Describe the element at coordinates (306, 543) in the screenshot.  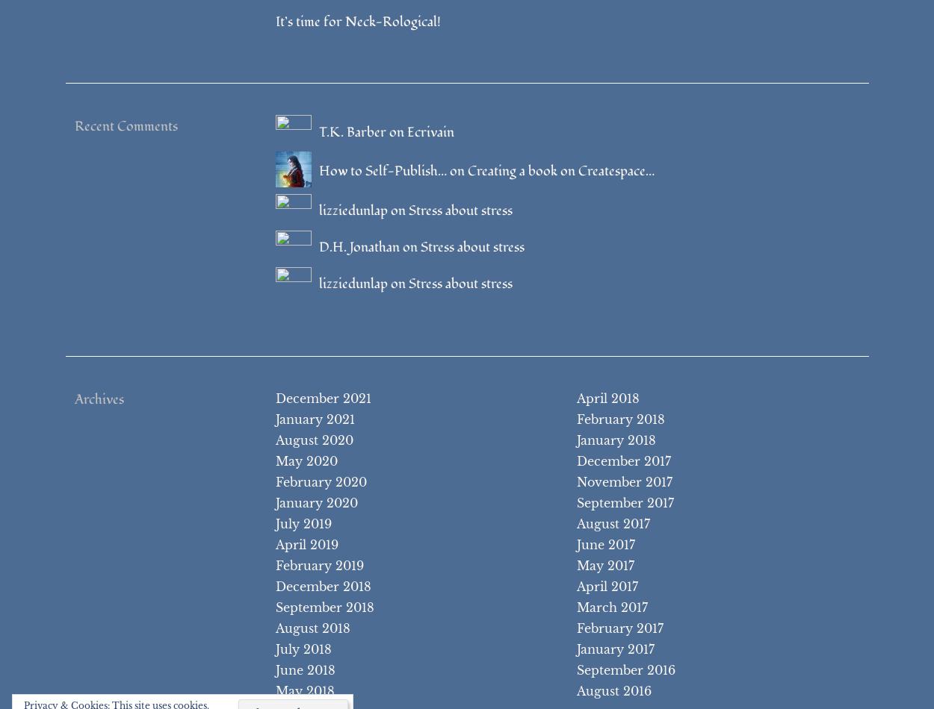
I see `'April 2019'` at that location.